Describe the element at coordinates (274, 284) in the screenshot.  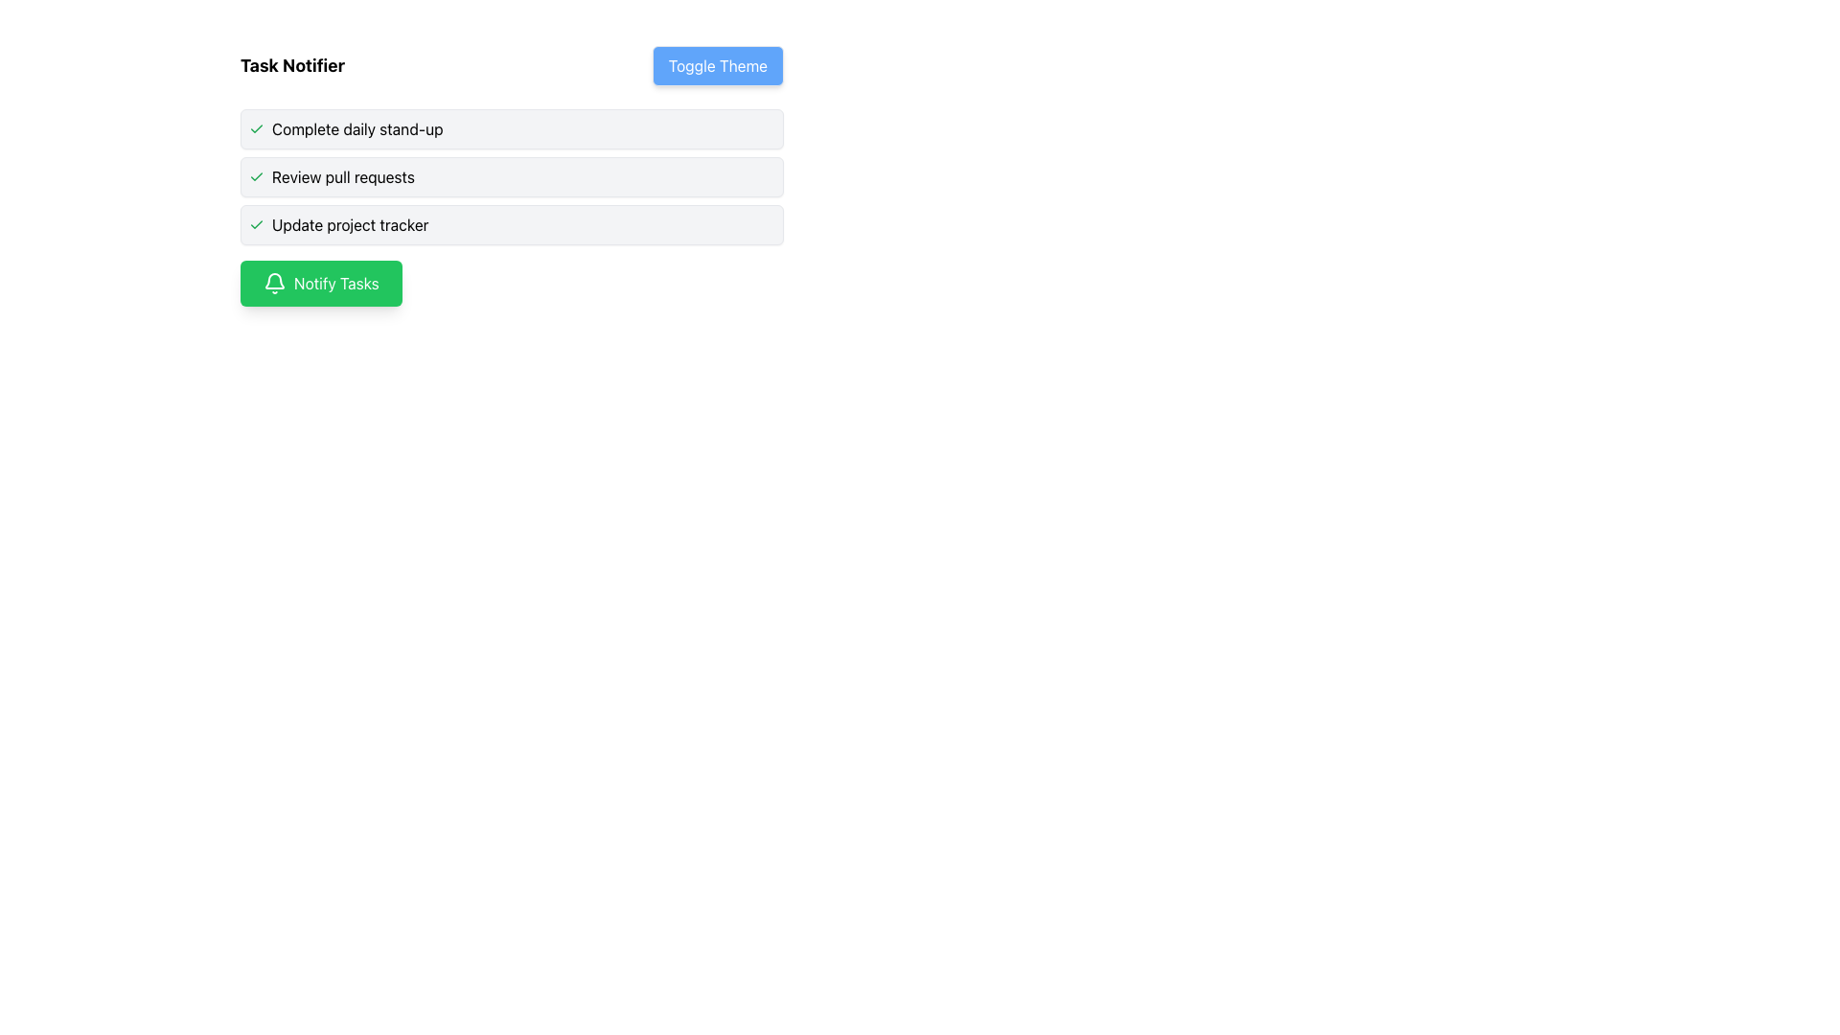
I see `the SVG bell icon located to the left of the 'Notify Tasks' button, which visually represents notifications or alerts` at that location.